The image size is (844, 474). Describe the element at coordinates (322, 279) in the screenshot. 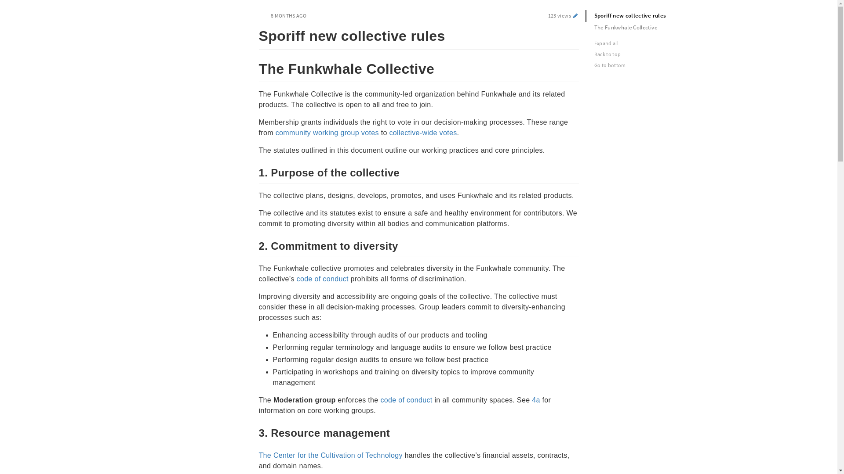

I see `'code of conduct'` at that location.